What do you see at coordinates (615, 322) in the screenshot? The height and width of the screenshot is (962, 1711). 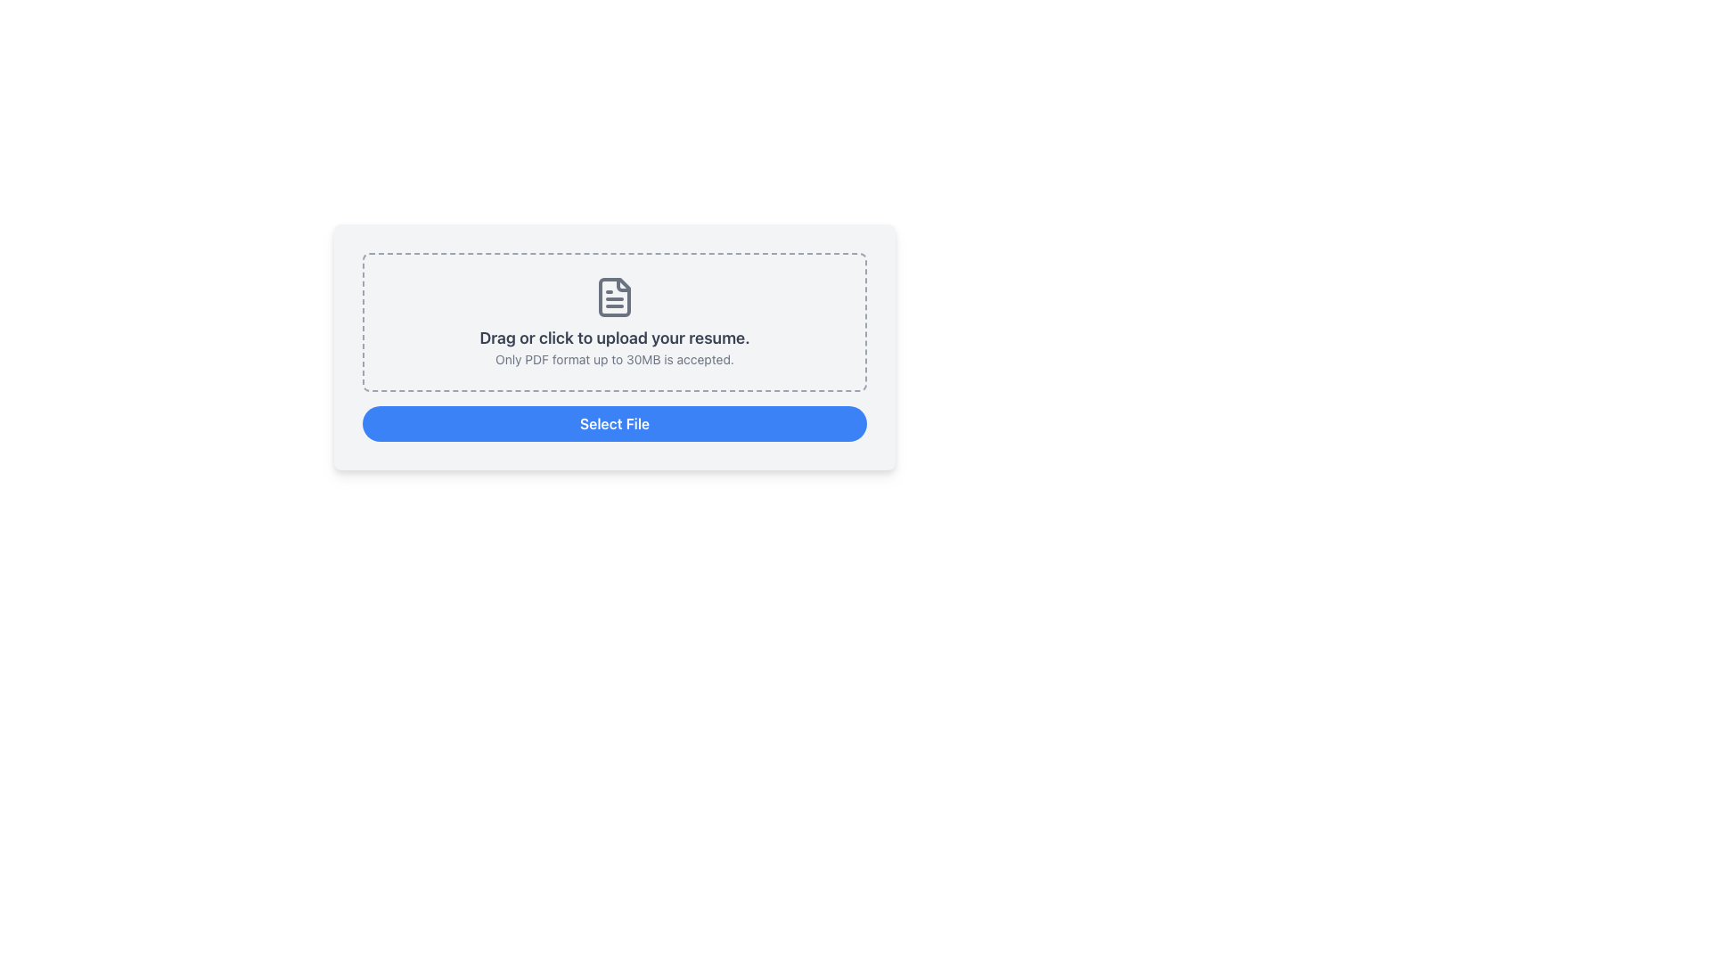 I see `the Upload drop zone, which is a bordered dashed rectangle with a light gray background, containing the text 'Drag or click to upload your resume.' and an icon of a document` at bounding box center [615, 322].